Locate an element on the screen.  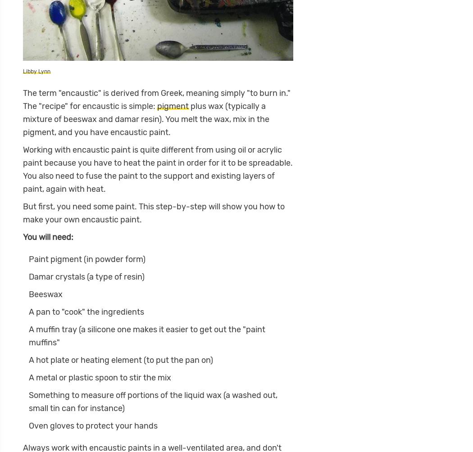
'Libby Lynn' is located at coordinates (23, 71).